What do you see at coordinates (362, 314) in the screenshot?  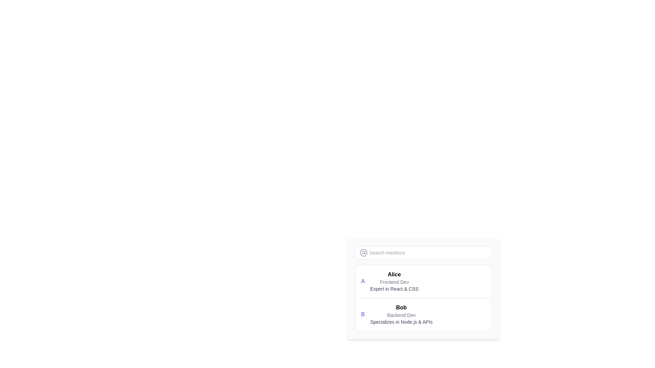 I see `the Text element styled as an initial or icon representing the user 'Bob' in the list, positioned to the left of the user's name` at bounding box center [362, 314].